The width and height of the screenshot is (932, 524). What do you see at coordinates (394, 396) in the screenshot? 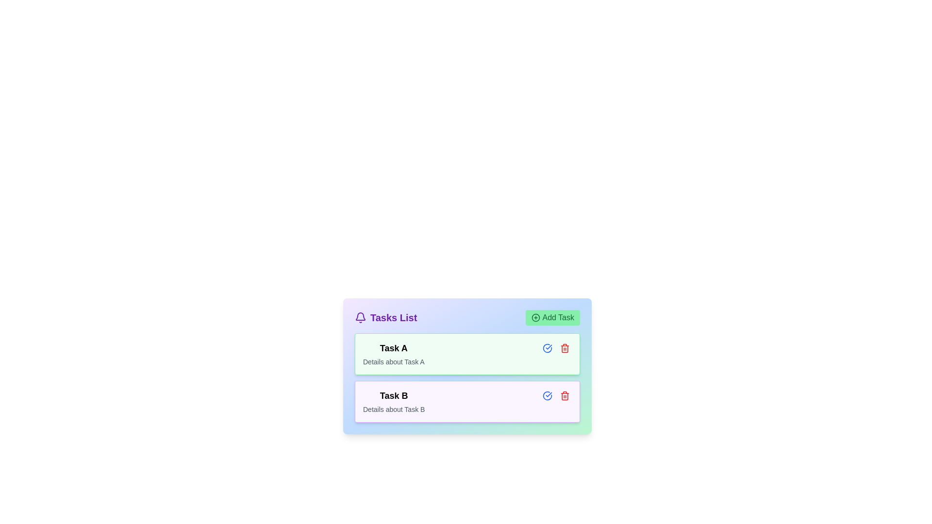
I see `the text label displaying 'Task B' in bold black font, which is located within a light purple rectangular section at the top of the task entry list` at bounding box center [394, 396].